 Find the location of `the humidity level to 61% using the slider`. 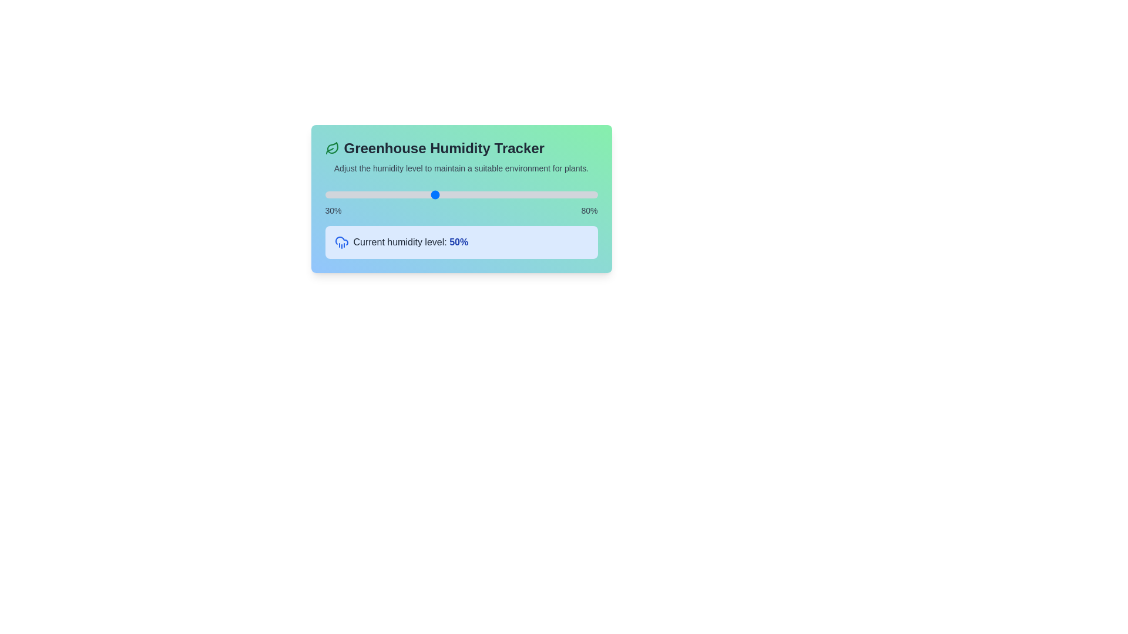

the humidity level to 61% using the slider is located at coordinates (494, 194).